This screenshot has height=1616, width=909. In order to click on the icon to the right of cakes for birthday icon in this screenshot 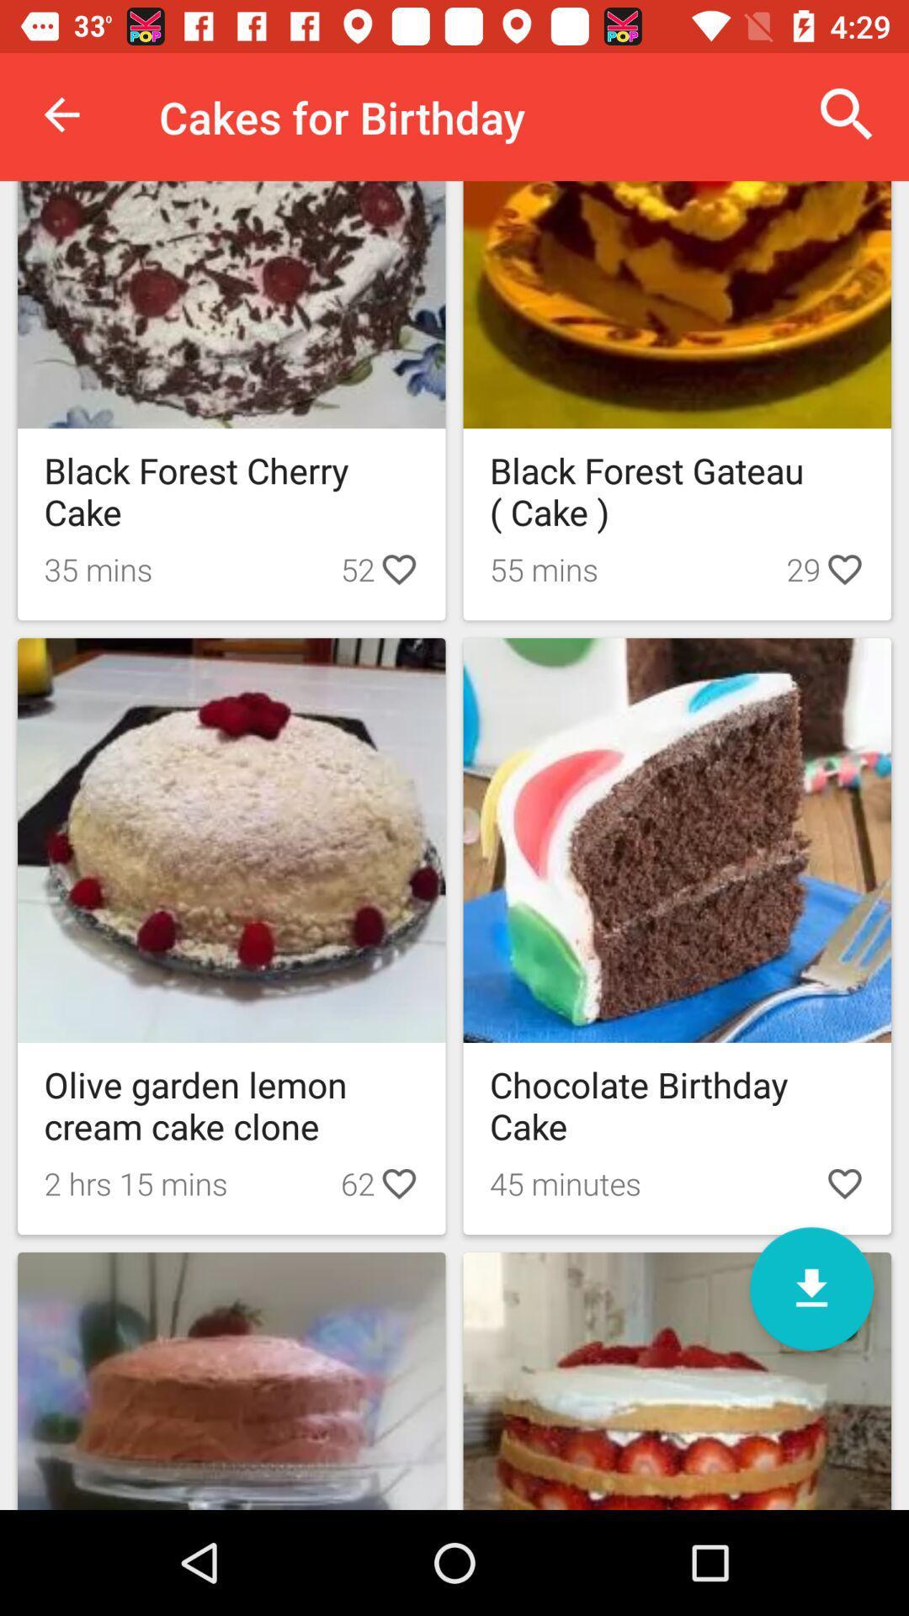, I will do `click(847, 114)`.